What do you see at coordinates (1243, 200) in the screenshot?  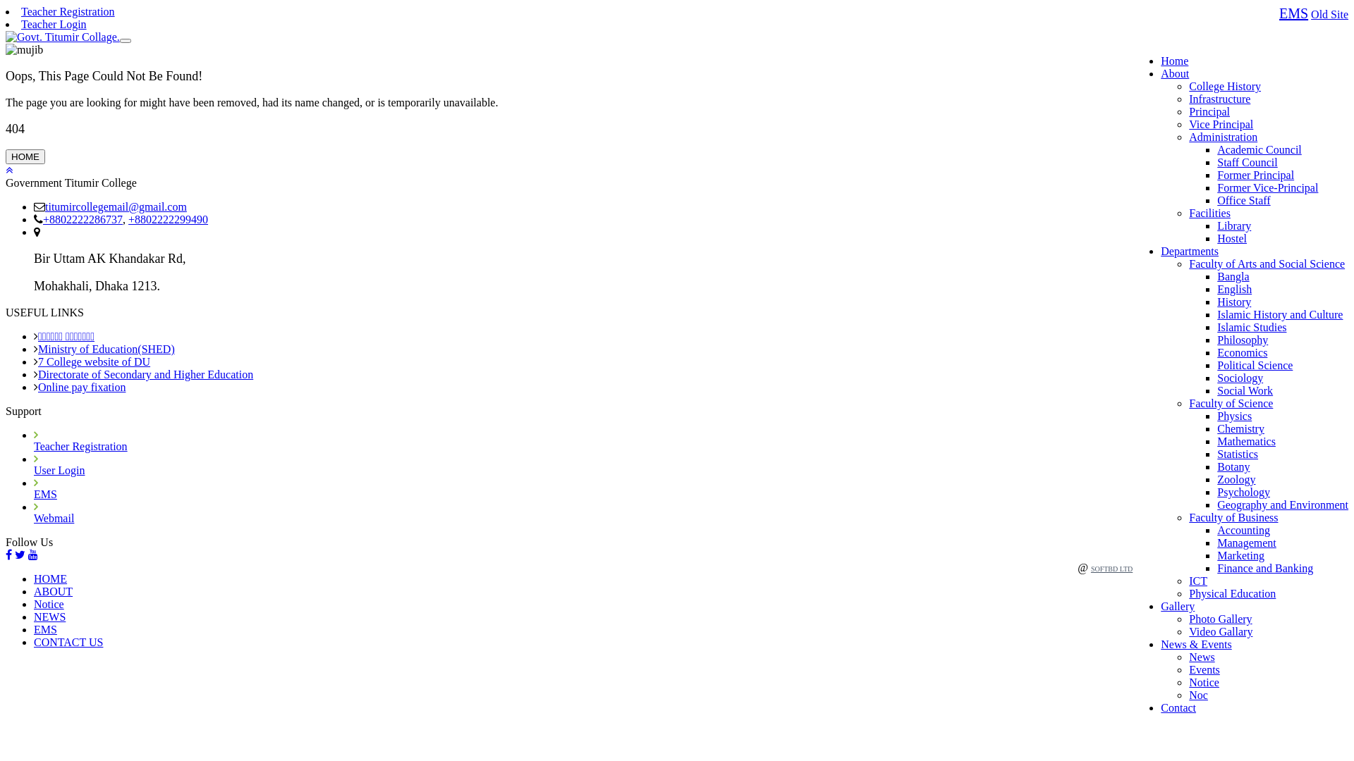 I see `'Office Staff'` at bounding box center [1243, 200].